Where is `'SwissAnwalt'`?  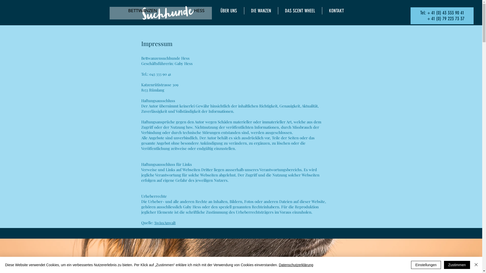 'SwissAnwalt' is located at coordinates (165, 222).